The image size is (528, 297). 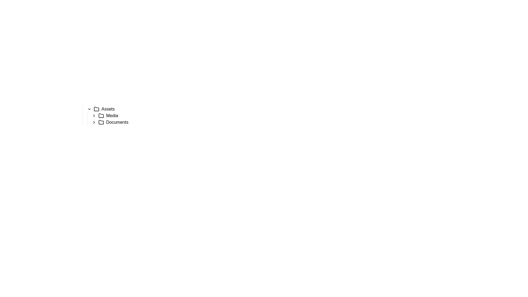 What do you see at coordinates (89, 109) in the screenshot?
I see `the Chevron Icon located to the left of the 'Assets' label` at bounding box center [89, 109].